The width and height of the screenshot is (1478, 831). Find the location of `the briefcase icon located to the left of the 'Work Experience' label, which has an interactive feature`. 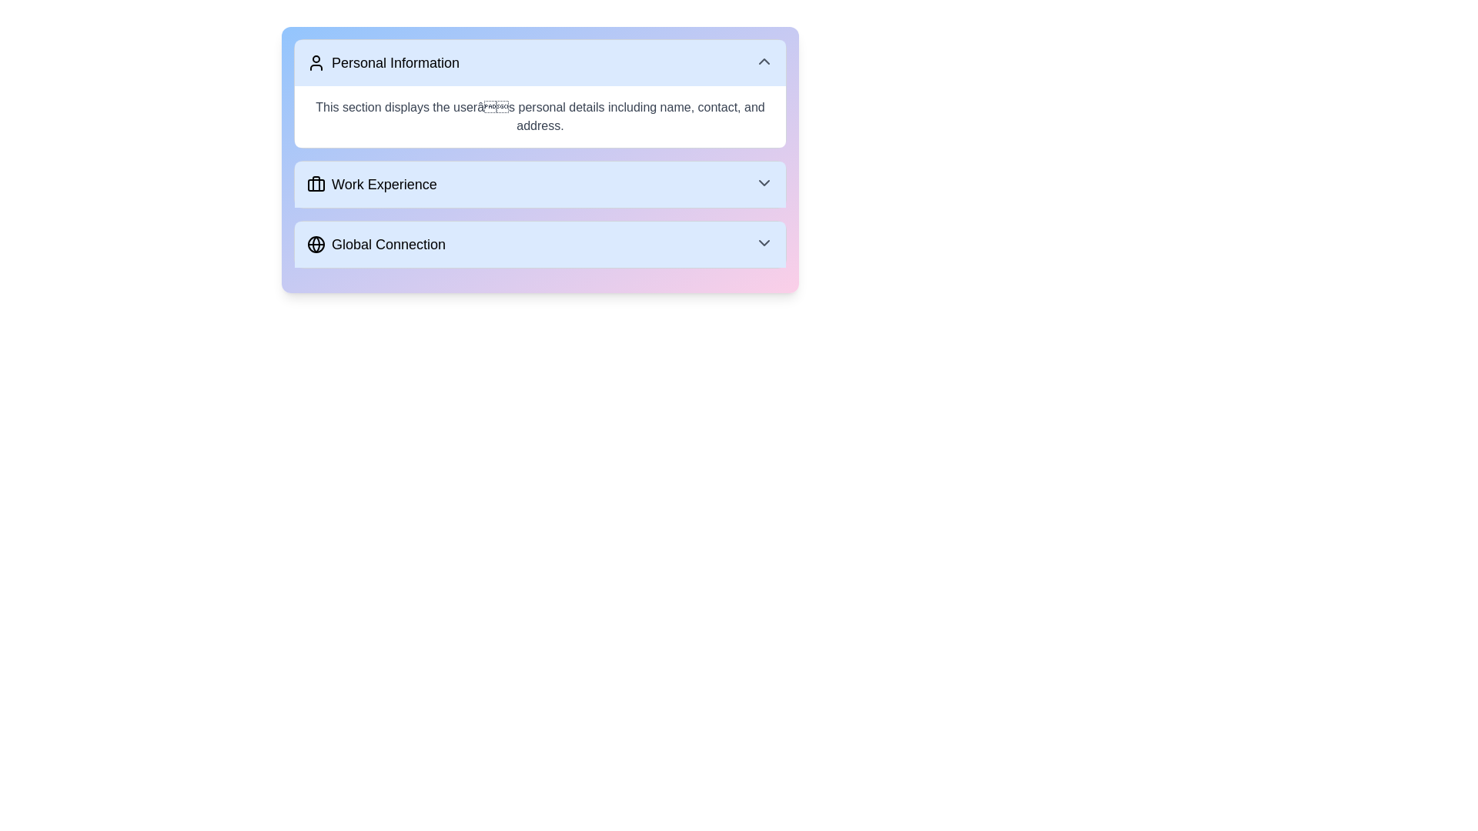

the briefcase icon located to the left of the 'Work Experience' label, which has an interactive feature is located at coordinates (316, 183).